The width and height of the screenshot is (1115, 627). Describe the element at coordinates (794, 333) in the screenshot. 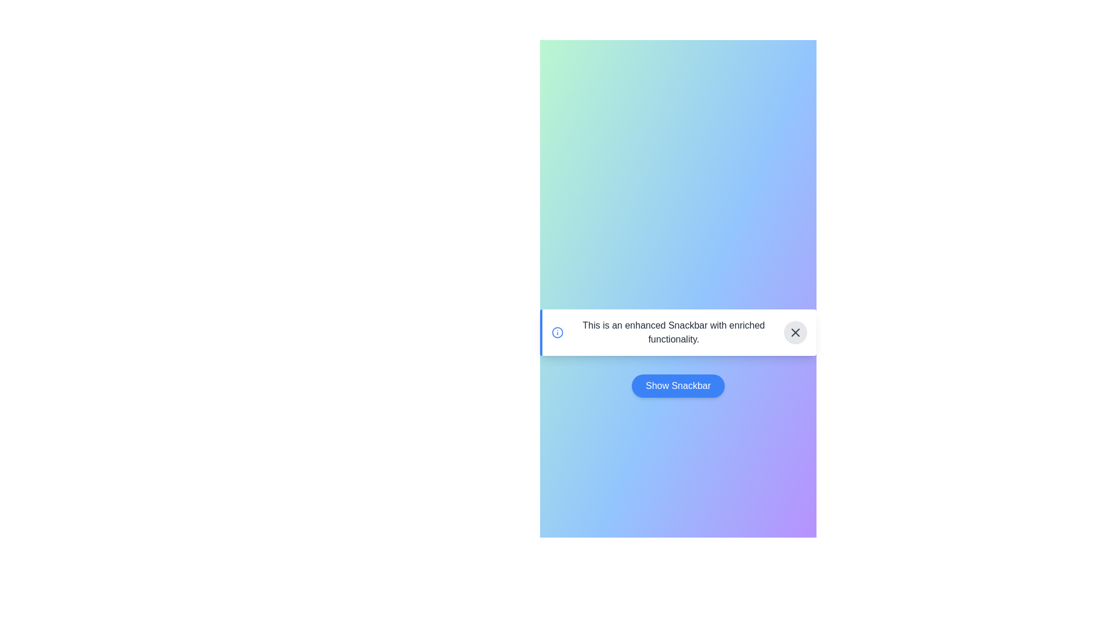

I see `the close icon button located at the right side of the snackbar` at that location.